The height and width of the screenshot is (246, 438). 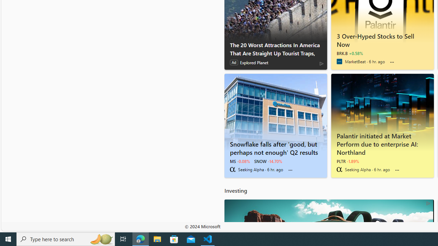 What do you see at coordinates (339, 169) in the screenshot?
I see `'Seeking Alpha'` at bounding box center [339, 169].